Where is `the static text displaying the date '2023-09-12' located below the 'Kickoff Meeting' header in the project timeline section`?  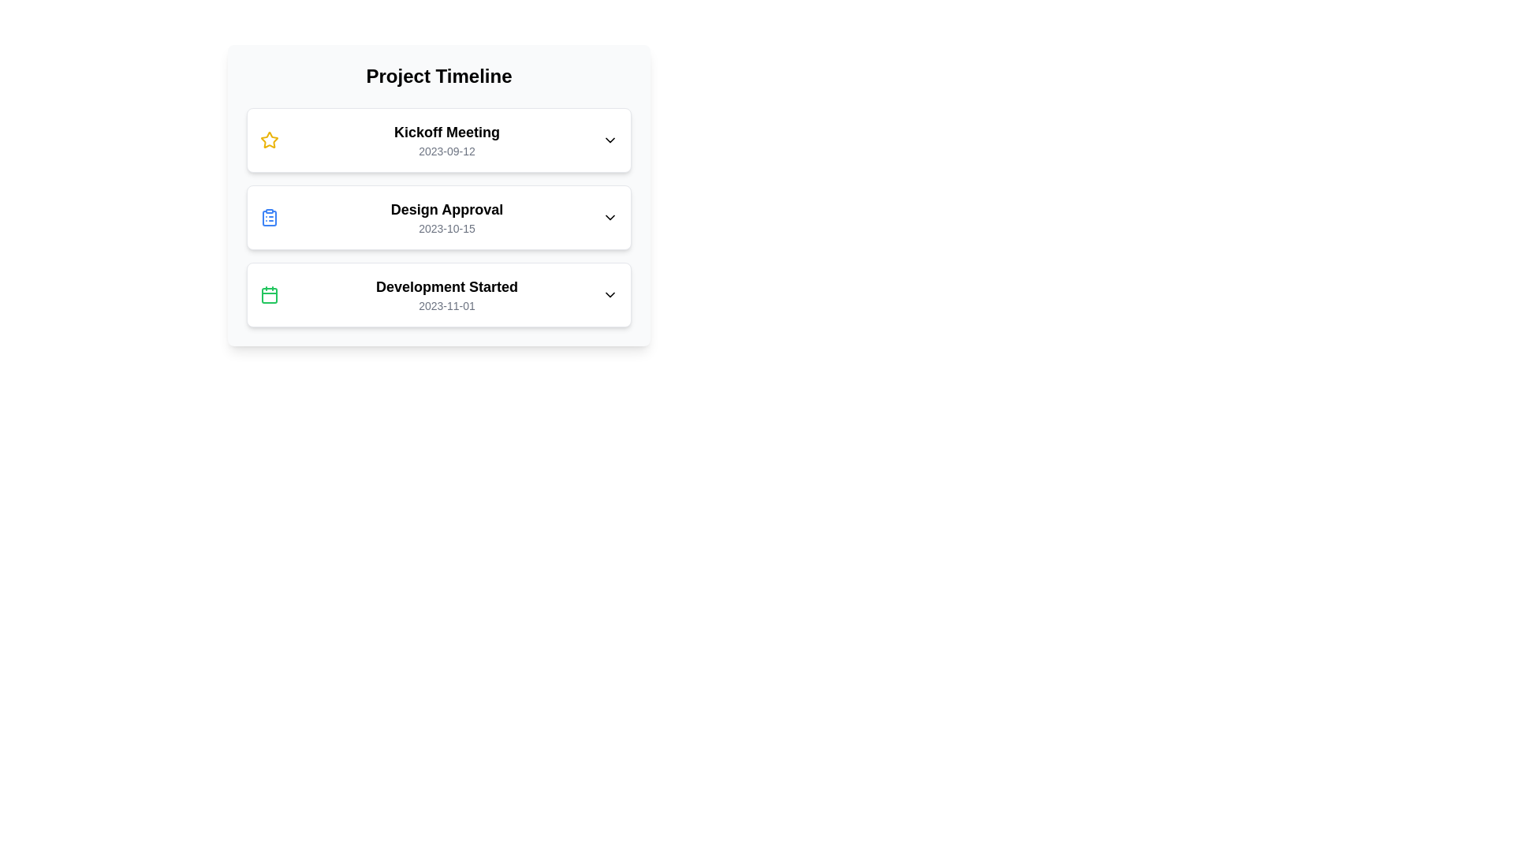
the static text displaying the date '2023-09-12' located below the 'Kickoff Meeting' header in the project timeline section is located at coordinates (446, 151).